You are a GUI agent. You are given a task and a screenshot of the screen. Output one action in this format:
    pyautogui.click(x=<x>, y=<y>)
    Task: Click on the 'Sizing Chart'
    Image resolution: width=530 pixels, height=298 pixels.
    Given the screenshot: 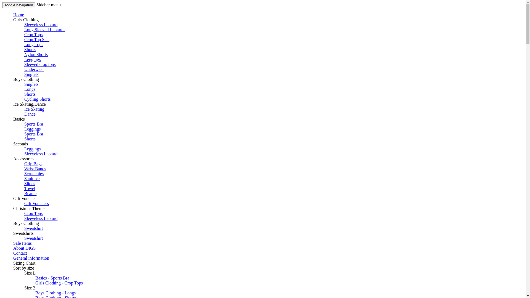 What is the action you would take?
    pyautogui.click(x=13, y=263)
    